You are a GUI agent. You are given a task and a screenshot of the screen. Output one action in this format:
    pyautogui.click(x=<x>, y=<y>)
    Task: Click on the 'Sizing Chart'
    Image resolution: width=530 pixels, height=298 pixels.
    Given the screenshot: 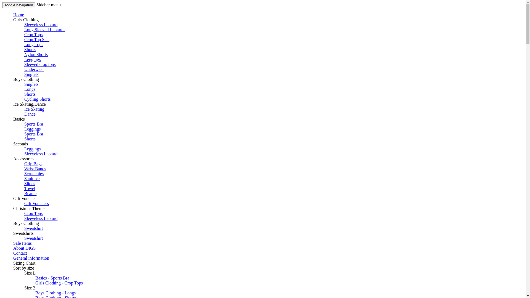 What is the action you would take?
    pyautogui.click(x=13, y=263)
    